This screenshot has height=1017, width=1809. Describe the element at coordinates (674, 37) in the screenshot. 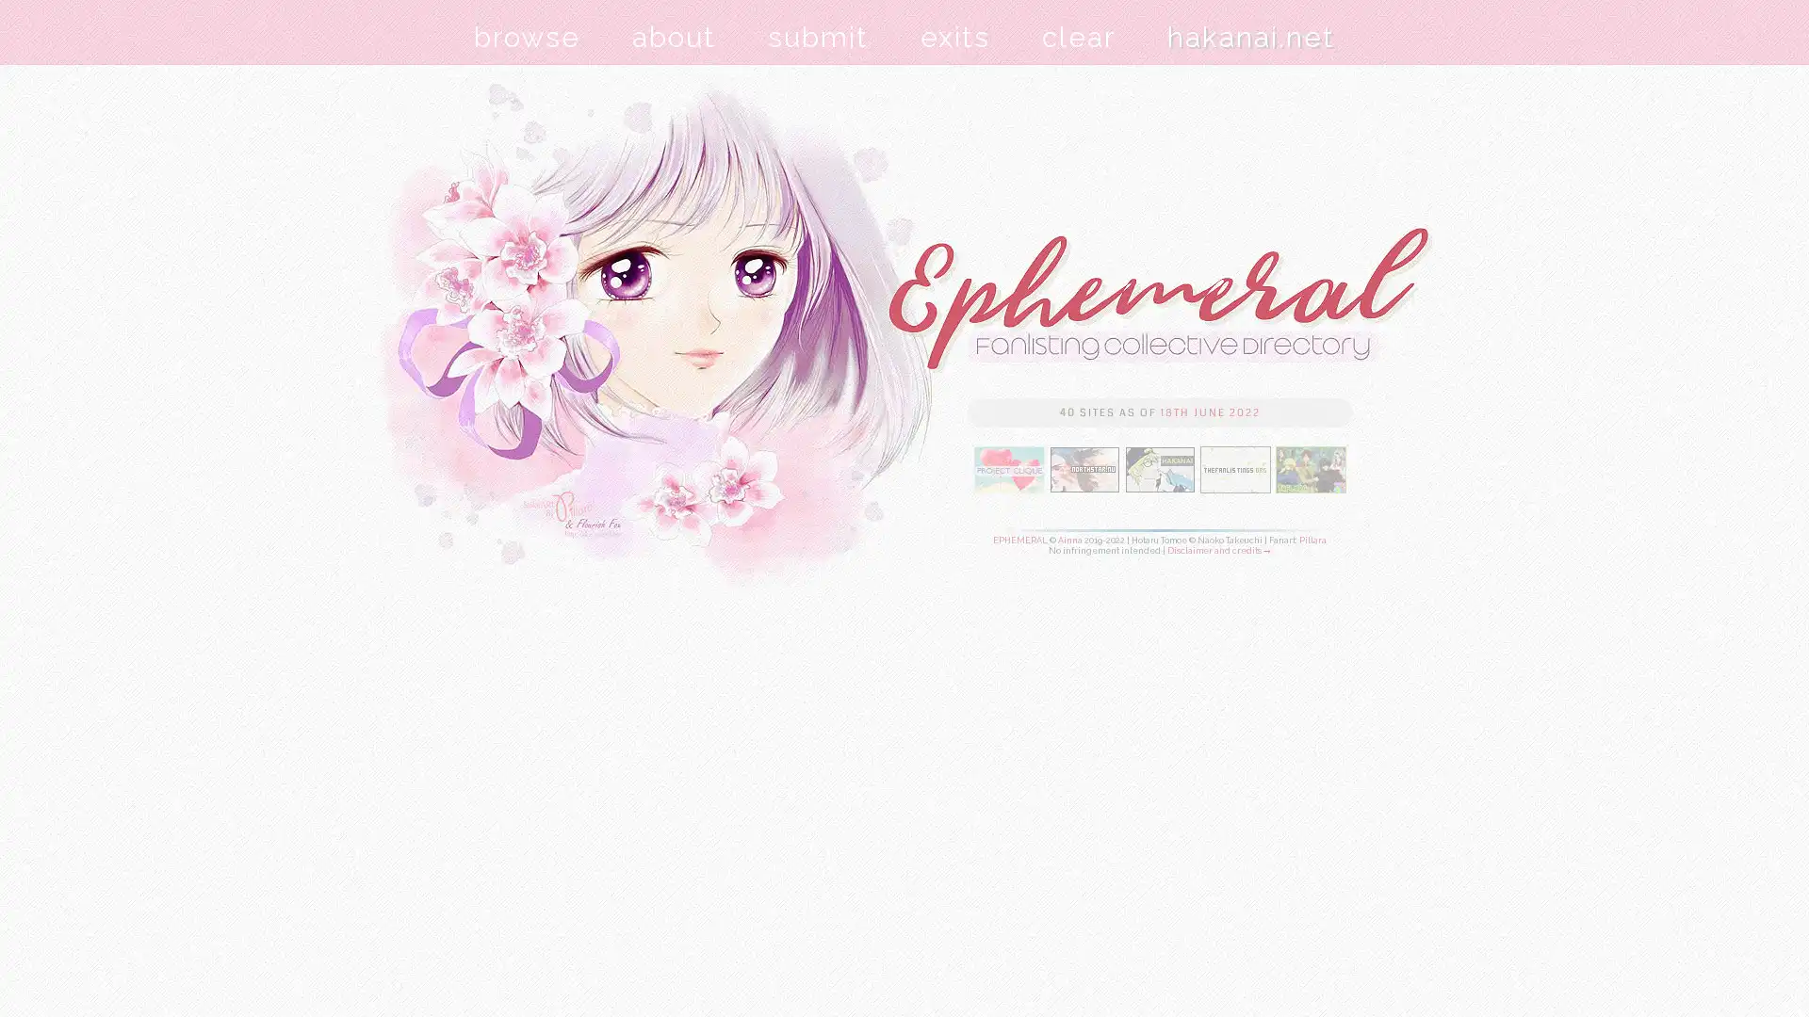

I see `about` at that location.